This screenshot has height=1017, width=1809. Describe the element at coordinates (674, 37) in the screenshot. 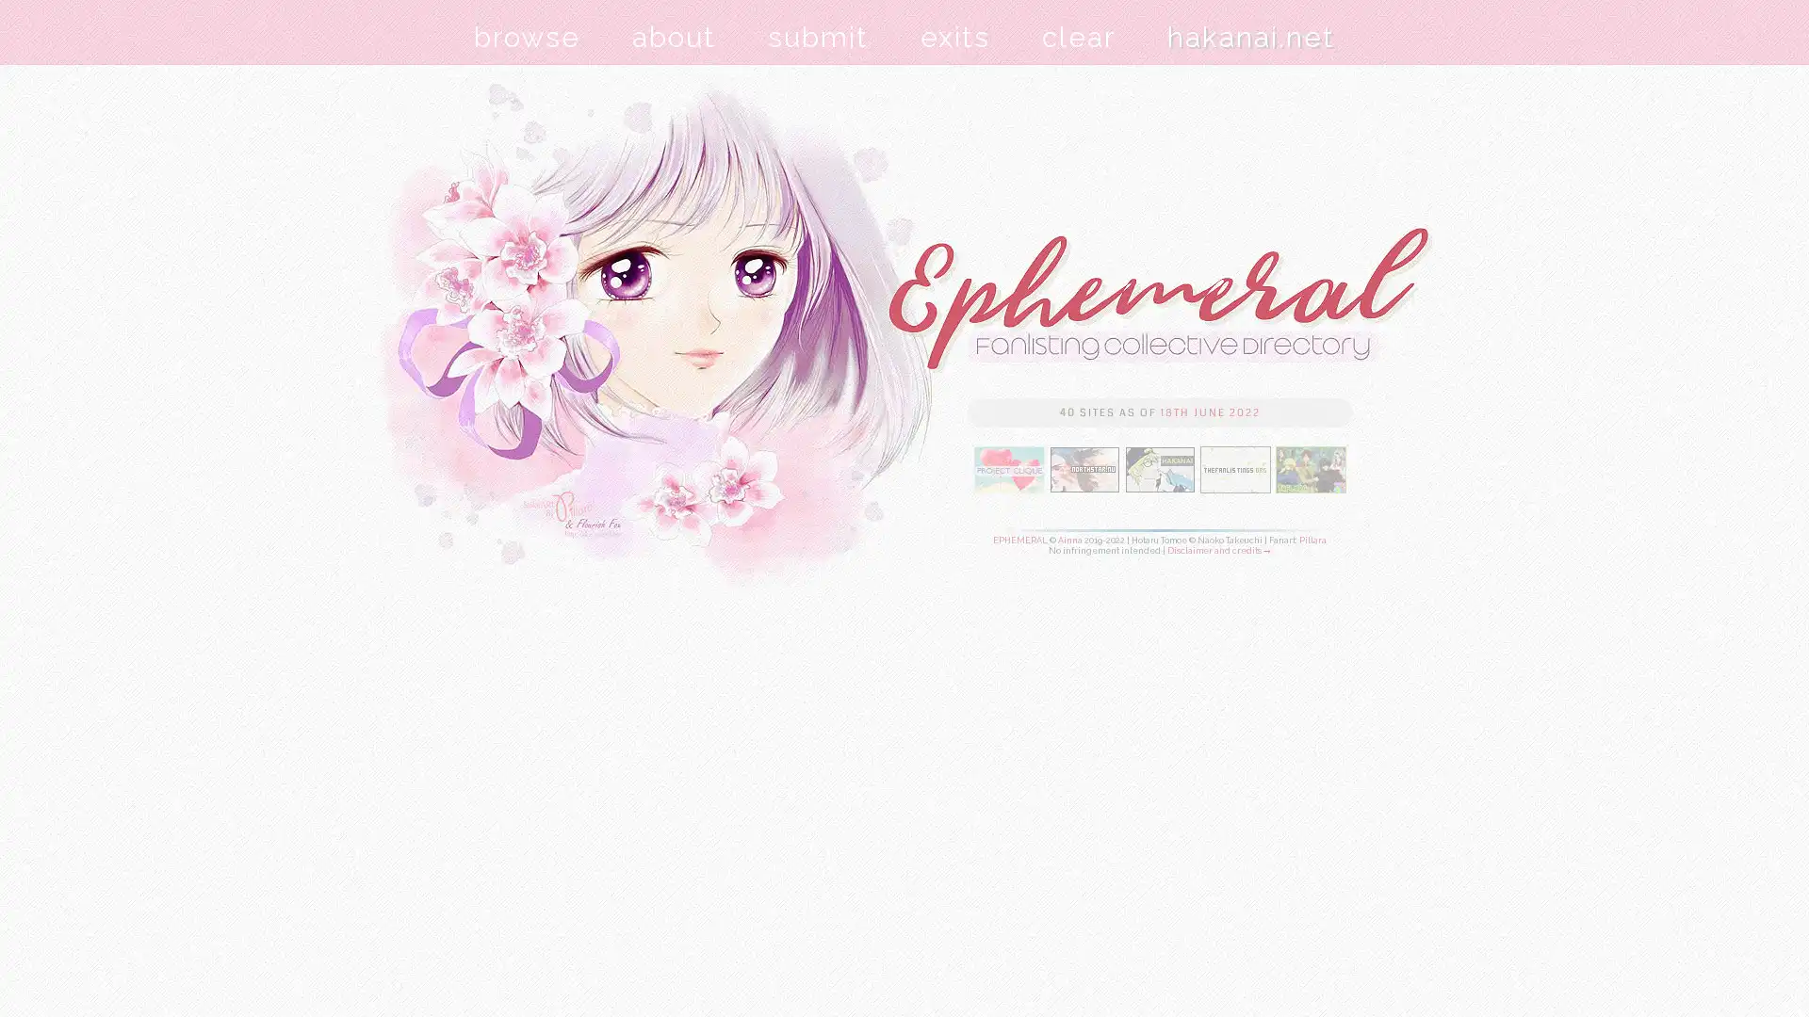

I see `about` at that location.